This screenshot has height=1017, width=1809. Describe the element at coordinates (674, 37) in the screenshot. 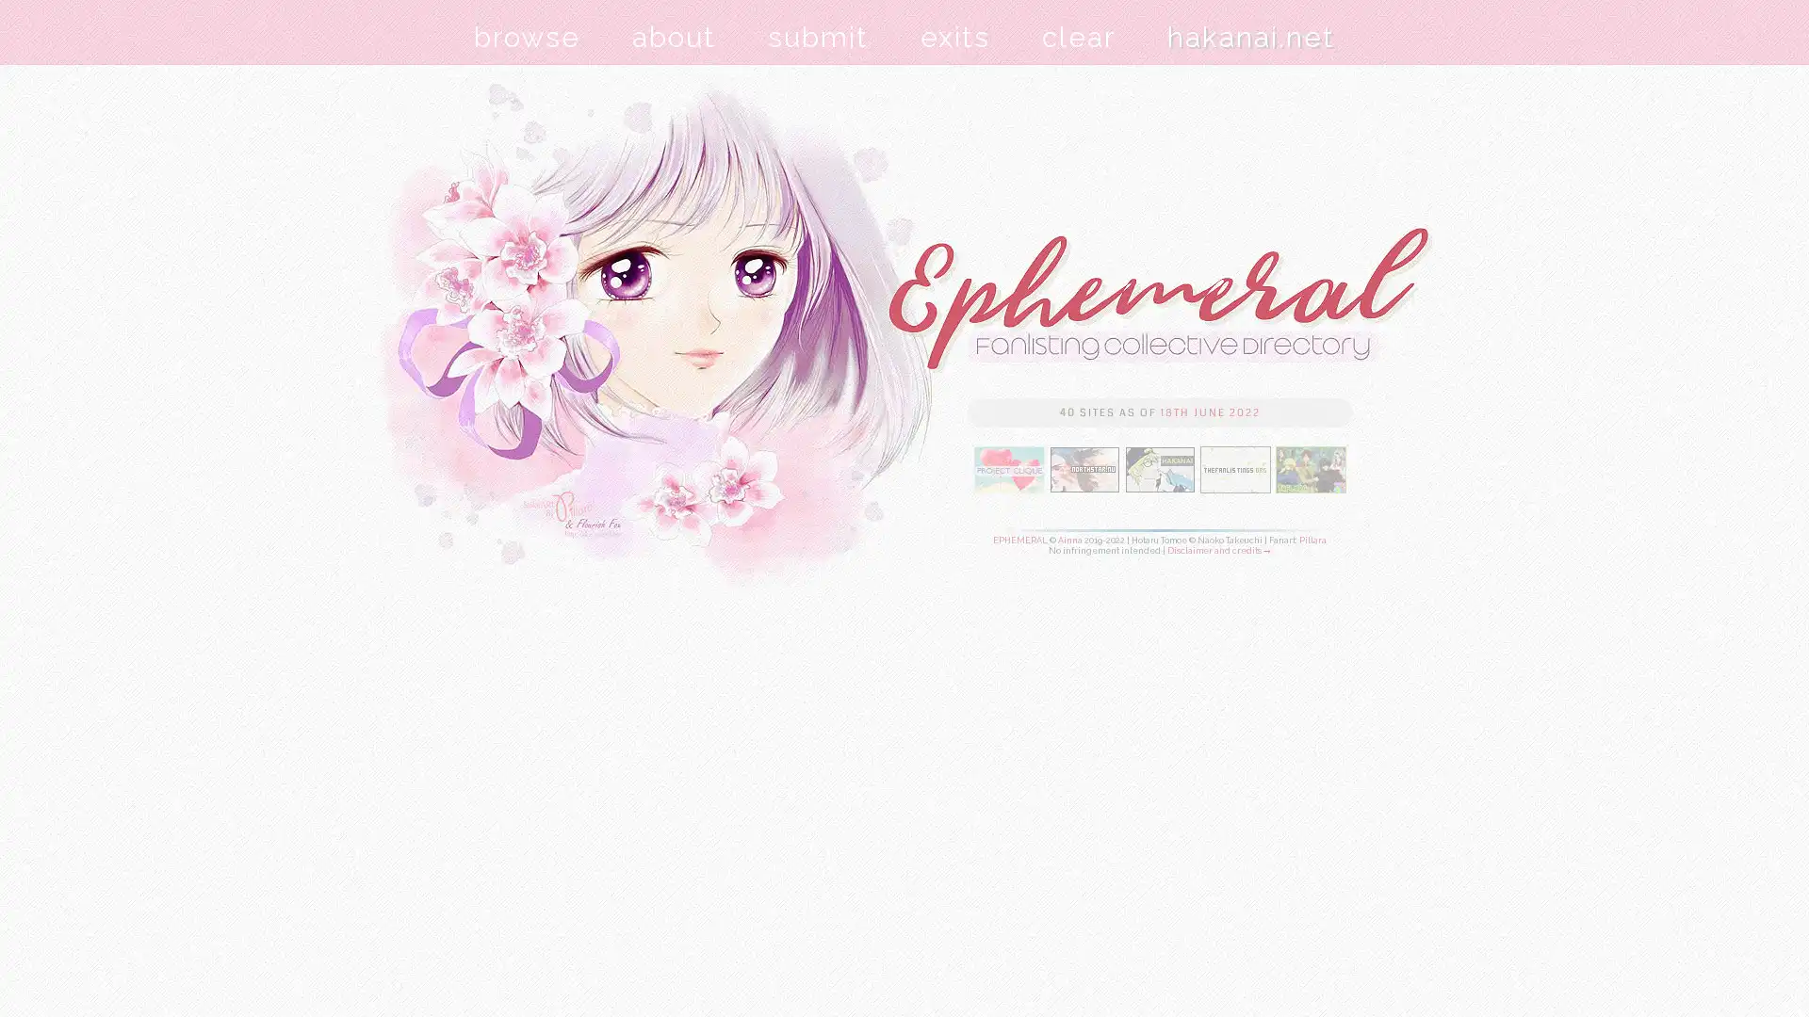

I see `about` at that location.